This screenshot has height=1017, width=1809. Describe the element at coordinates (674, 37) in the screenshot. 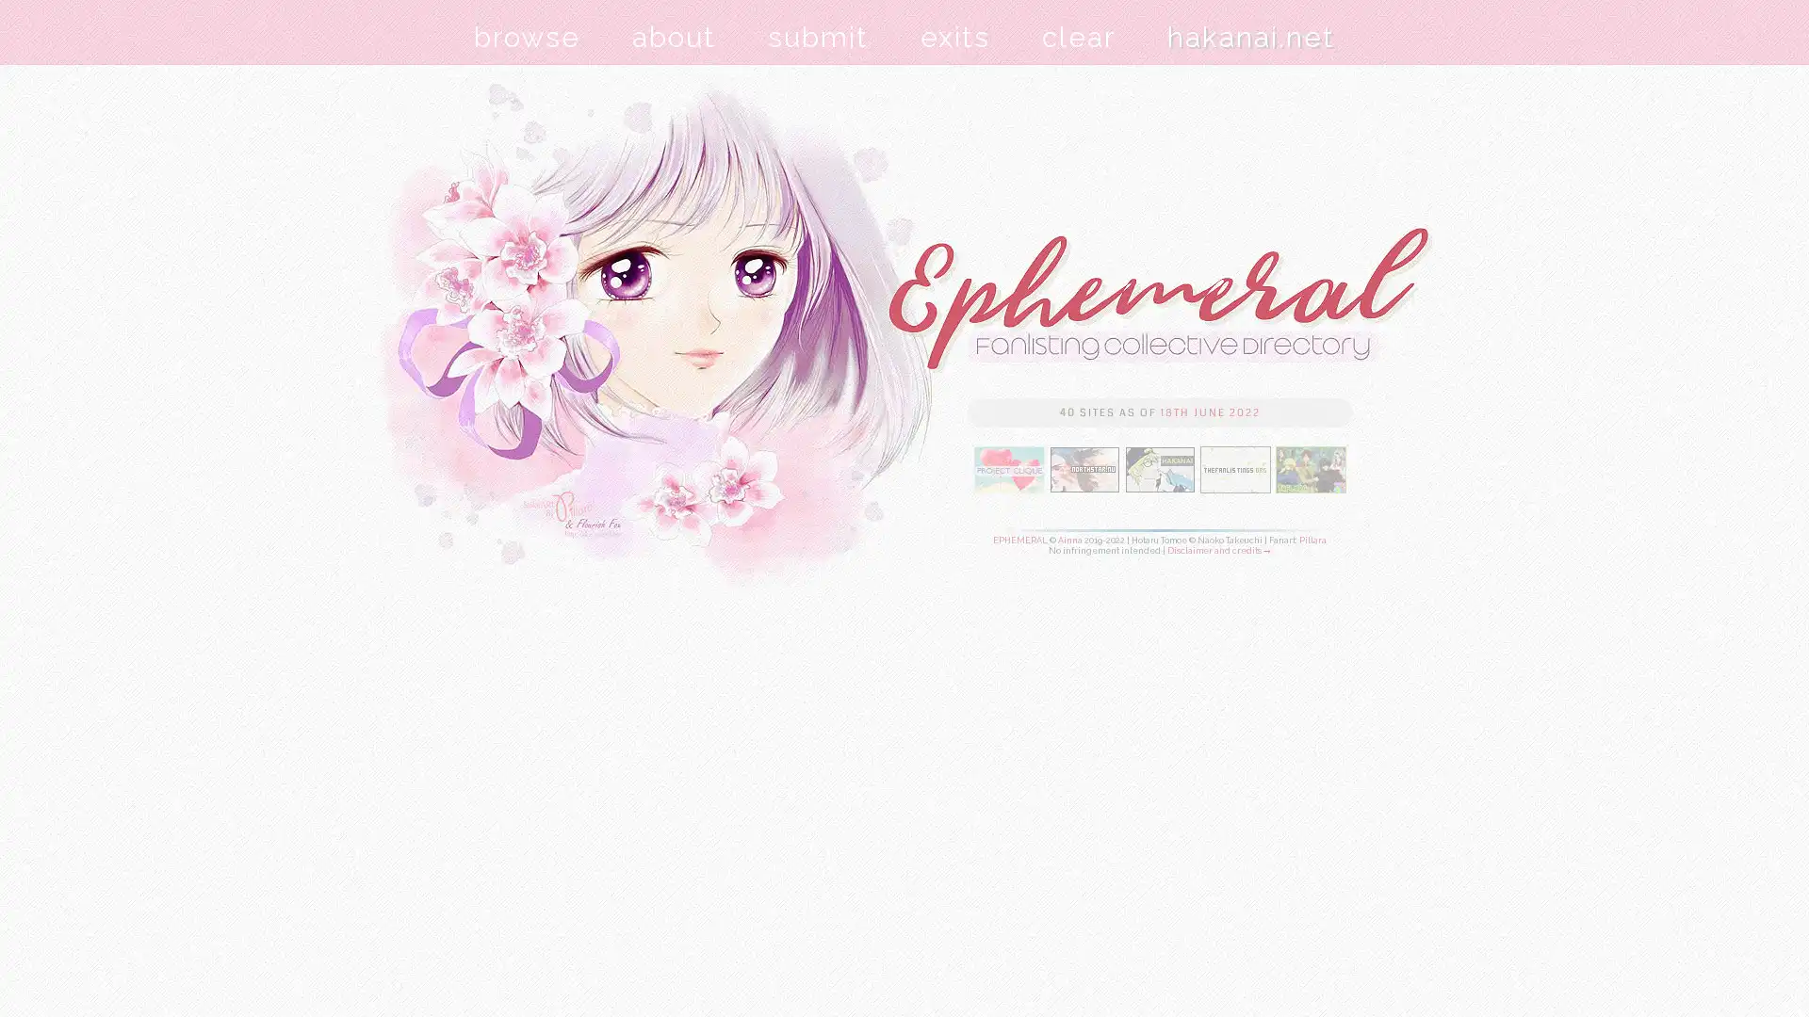

I see `about` at that location.